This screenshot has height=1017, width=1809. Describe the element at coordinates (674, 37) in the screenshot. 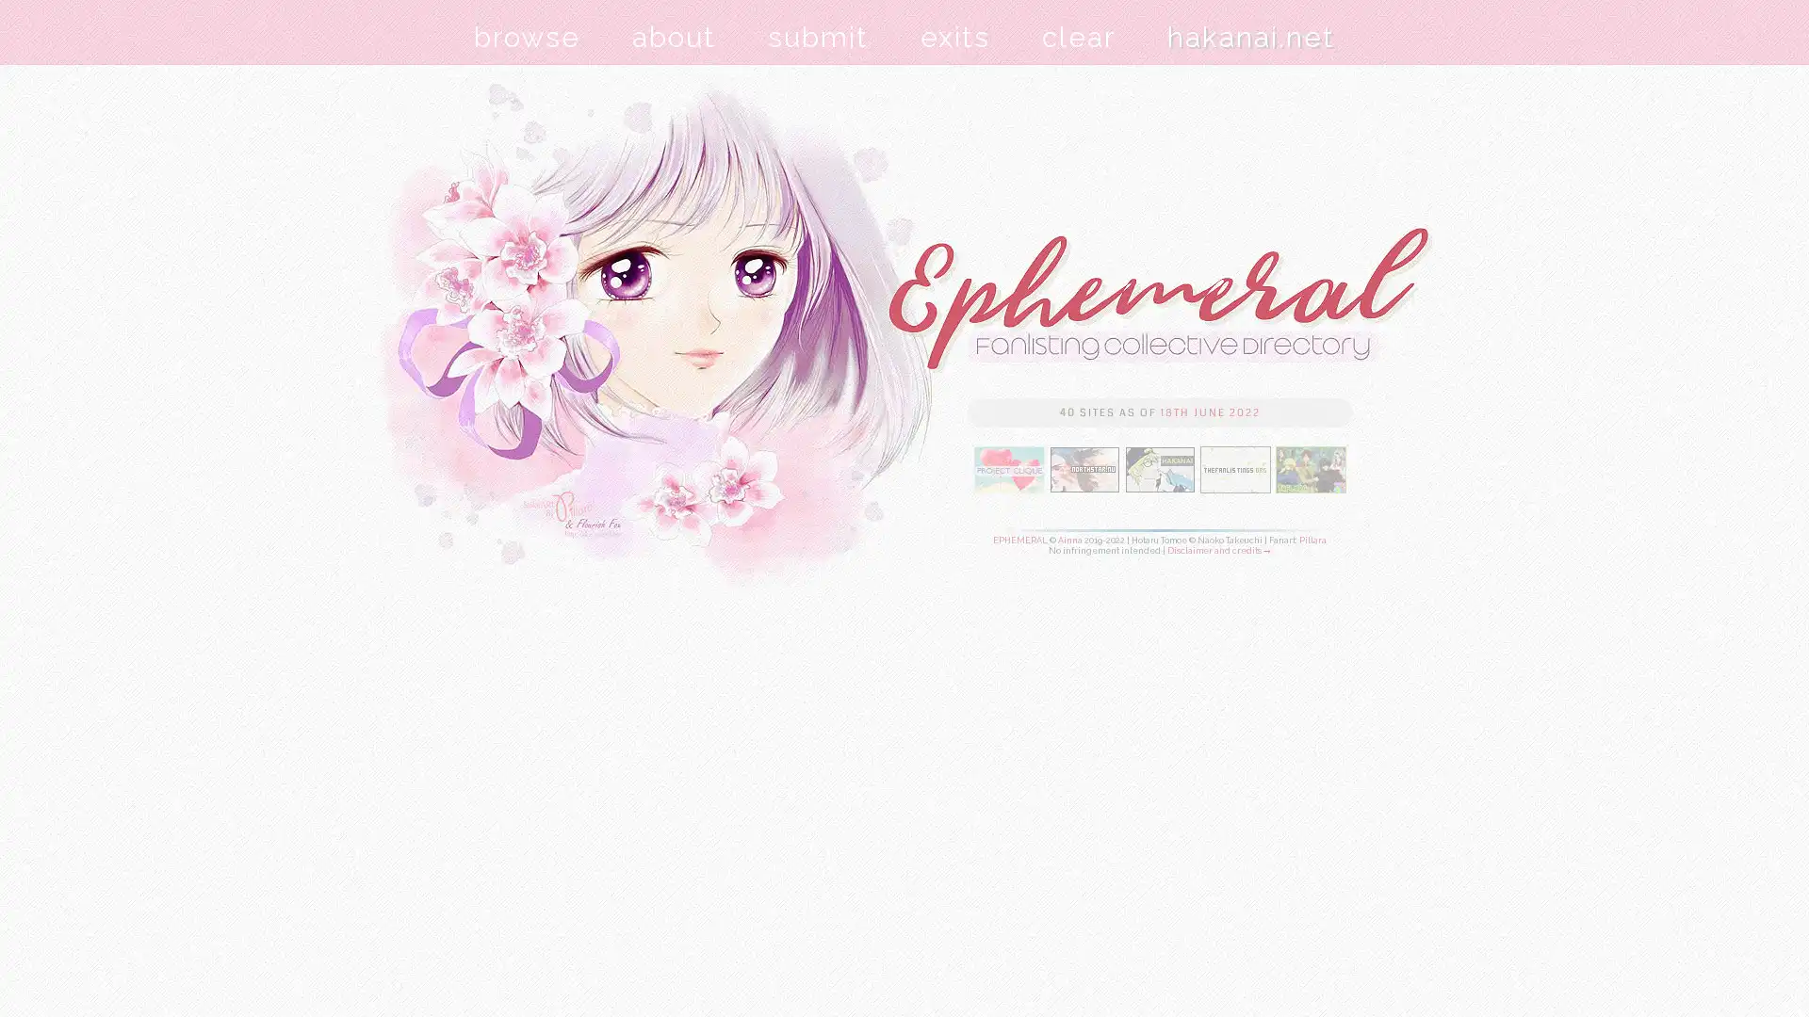

I see `about` at that location.